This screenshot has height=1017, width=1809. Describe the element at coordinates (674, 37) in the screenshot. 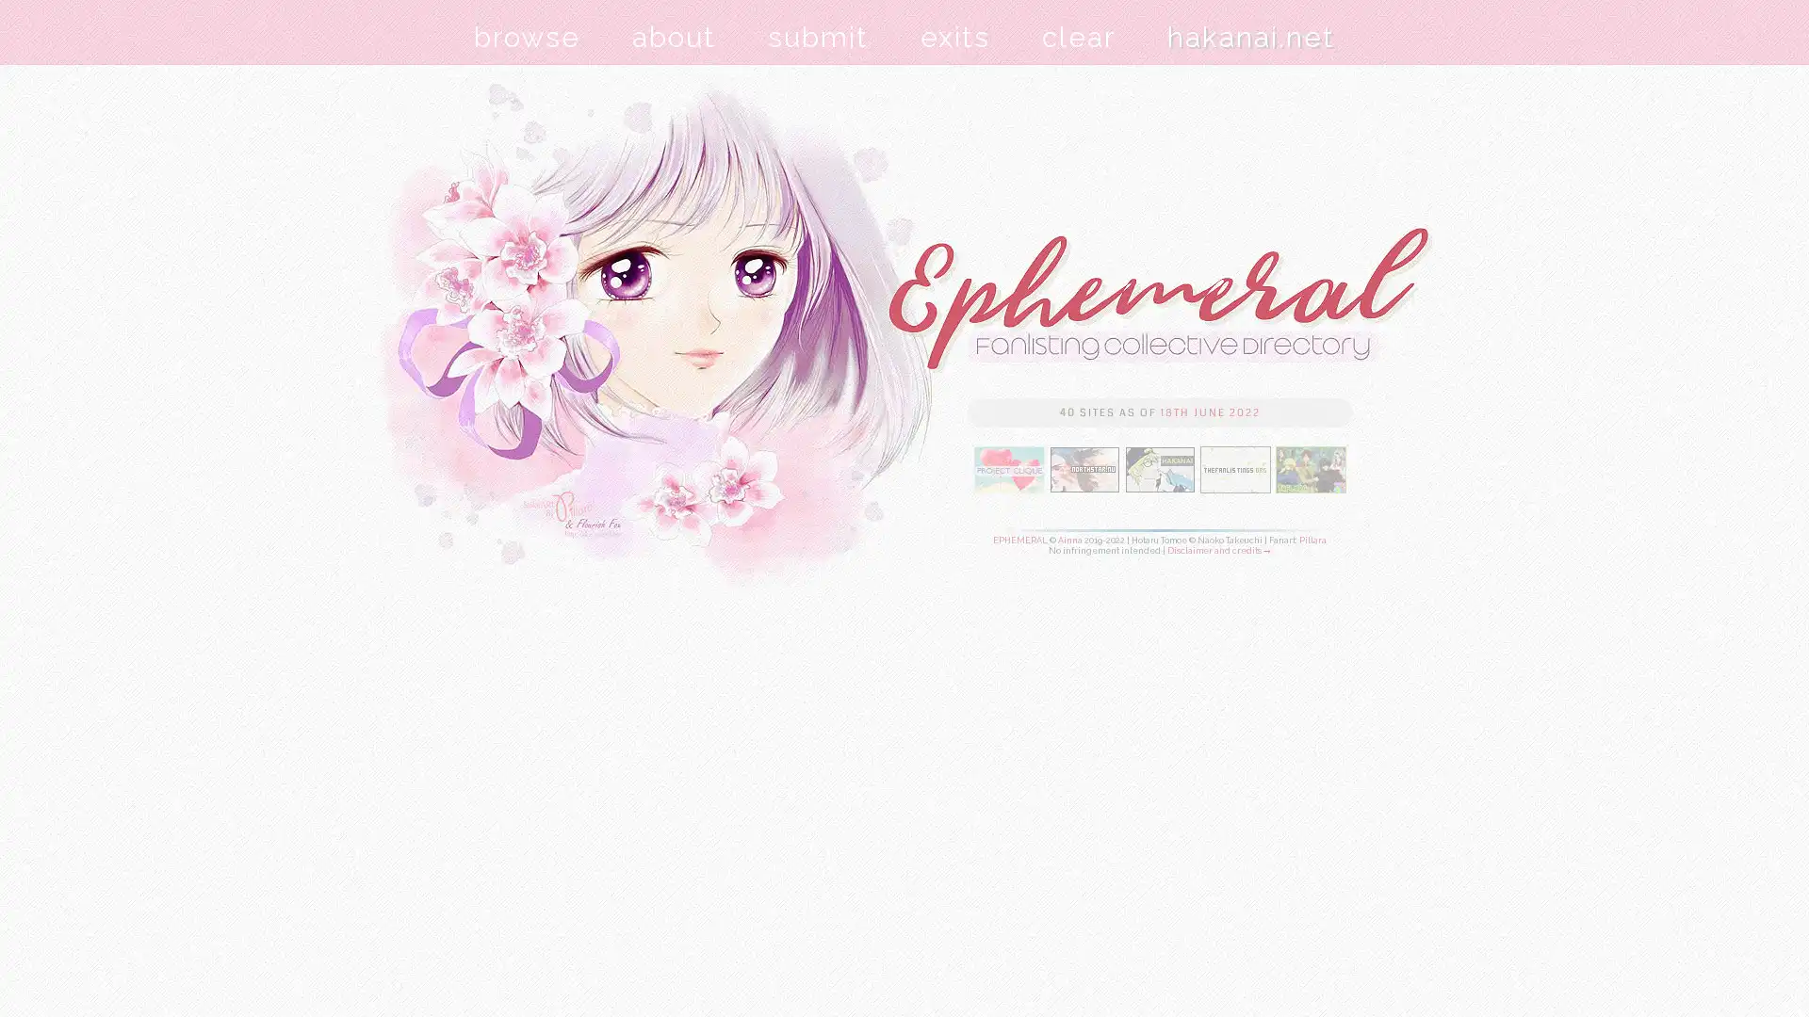

I see `about` at that location.